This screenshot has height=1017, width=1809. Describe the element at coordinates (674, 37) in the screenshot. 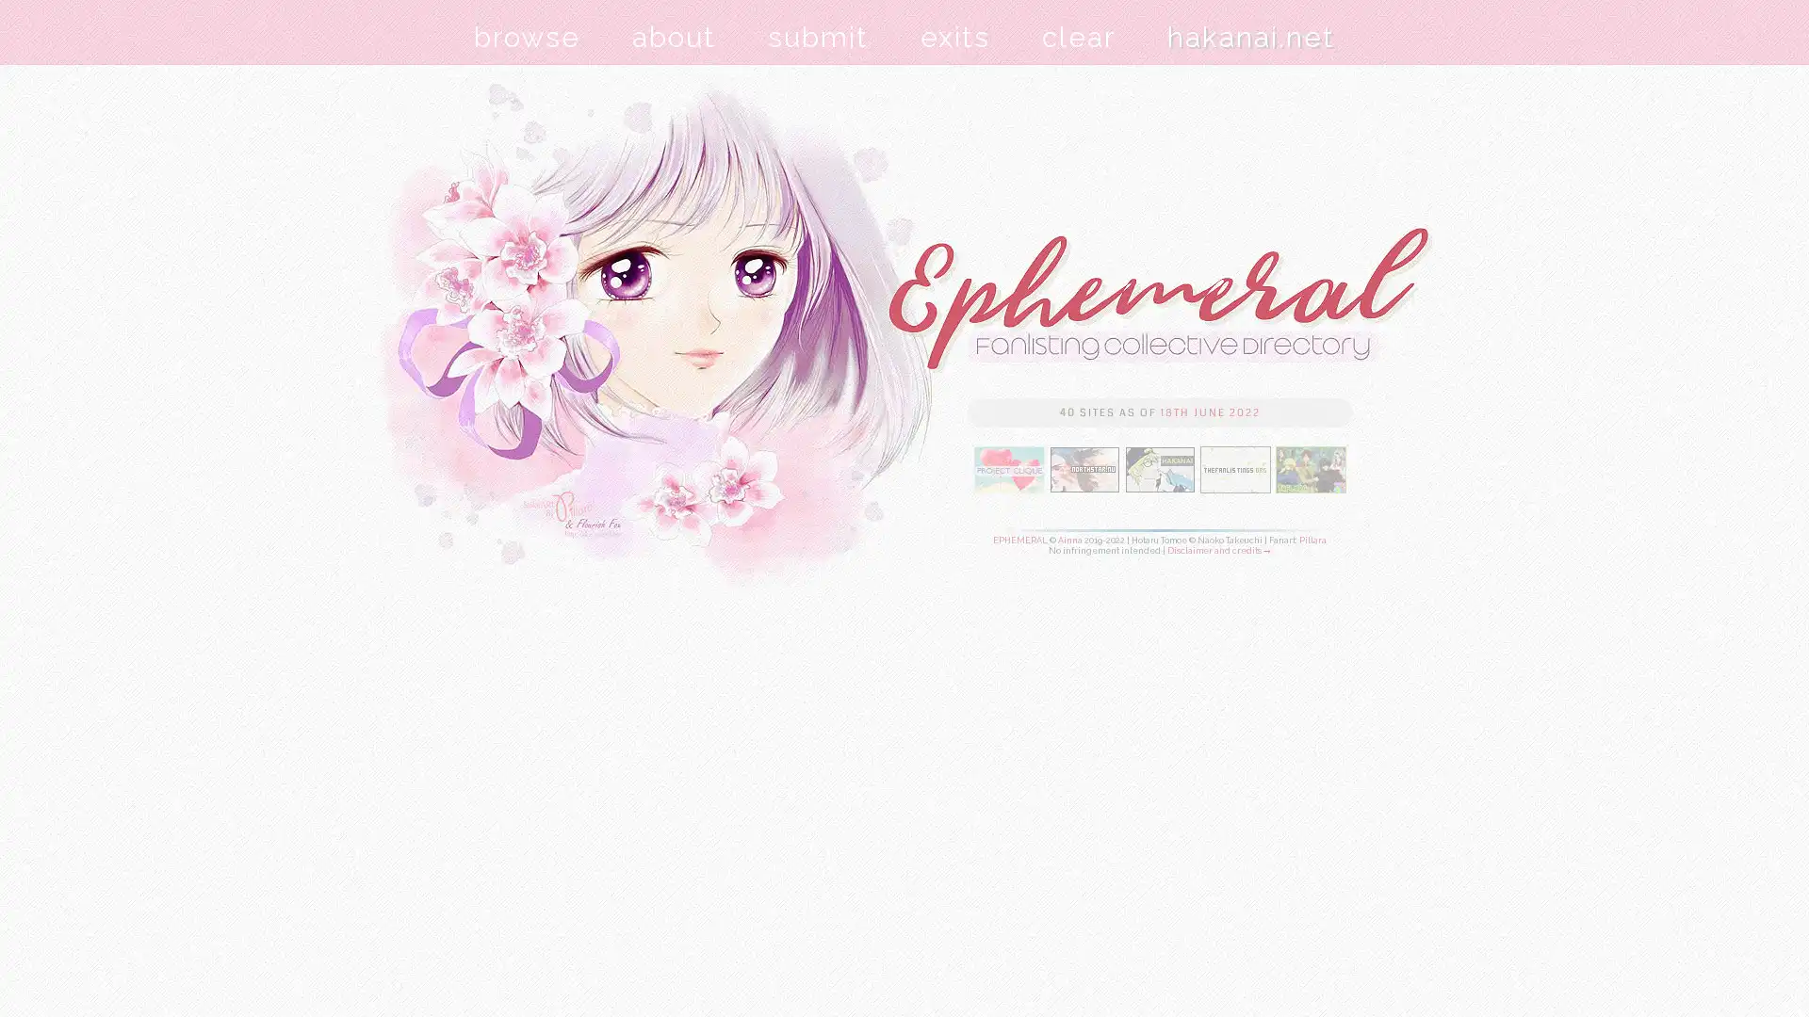

I see `about` at that location.